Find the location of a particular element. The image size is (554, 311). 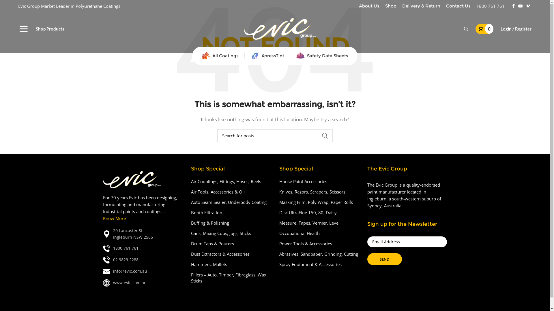

'Dust Extractors & Accessories' is located at coordinates (220, 254).